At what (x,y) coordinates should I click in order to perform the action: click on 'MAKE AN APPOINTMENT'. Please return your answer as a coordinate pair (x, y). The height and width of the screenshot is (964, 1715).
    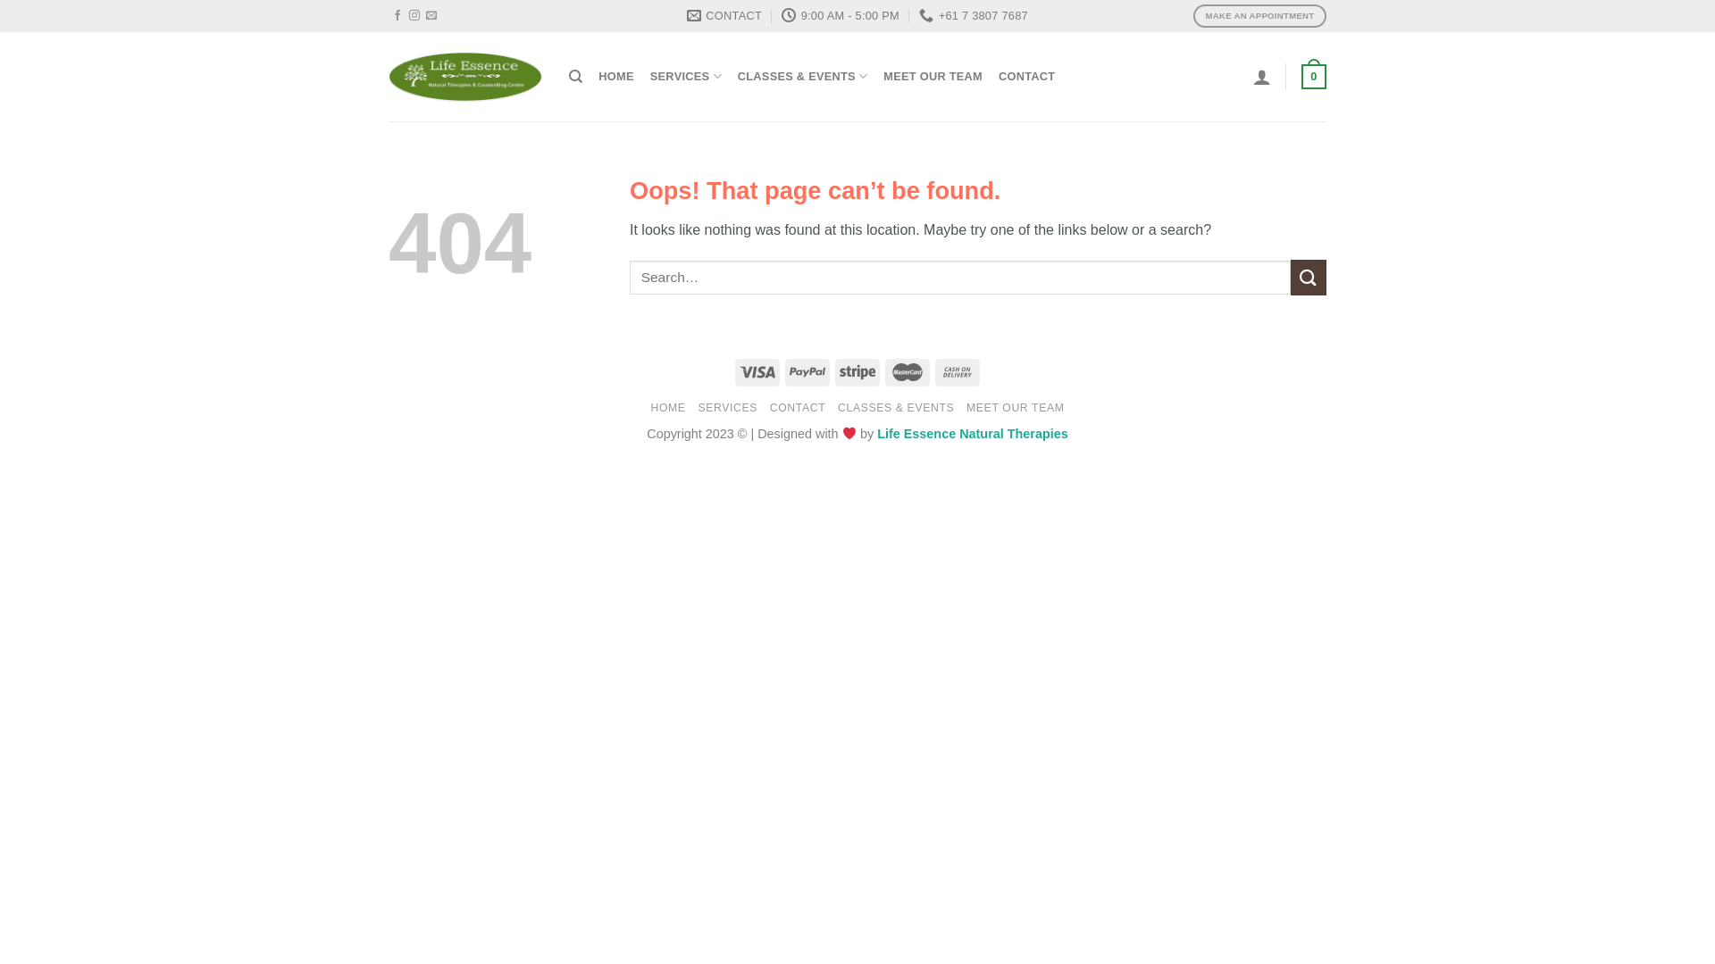
    Looking at the image, I should click on (1259, 15).